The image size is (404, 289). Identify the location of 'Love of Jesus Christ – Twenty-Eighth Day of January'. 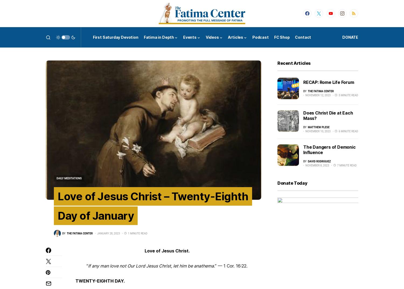
(153, 206).